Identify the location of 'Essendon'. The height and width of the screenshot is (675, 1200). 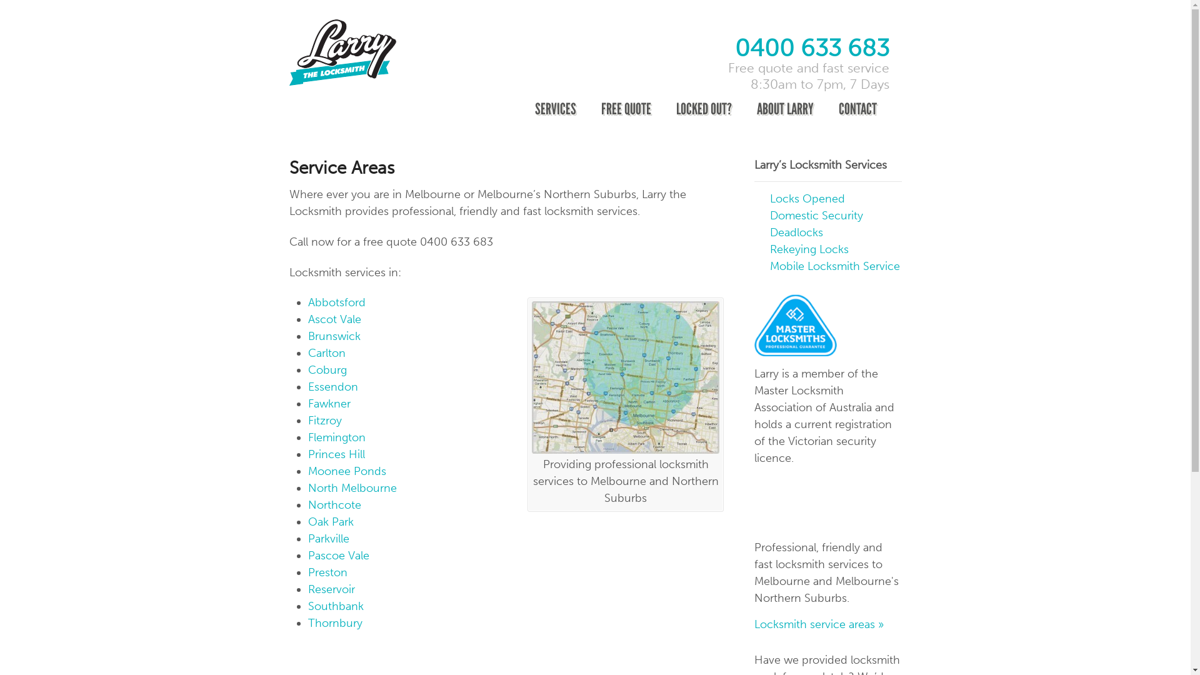
(332, 386).